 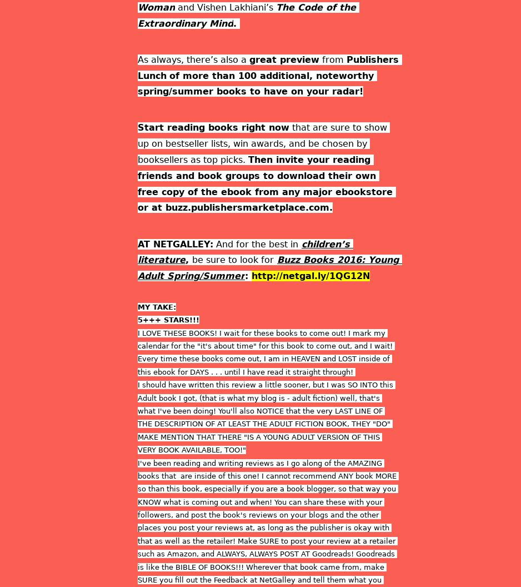 I want to click on 'that are sure to show up on bestseller lists, win awards, and be chosen by booksellers as top picks.', so click(x=264, y=143).